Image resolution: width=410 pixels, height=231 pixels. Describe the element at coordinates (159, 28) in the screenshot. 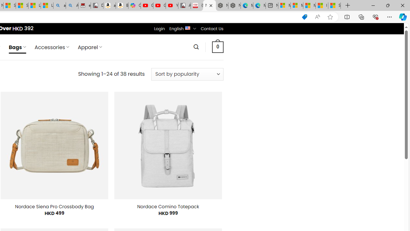

I see `'Login'` at that location.